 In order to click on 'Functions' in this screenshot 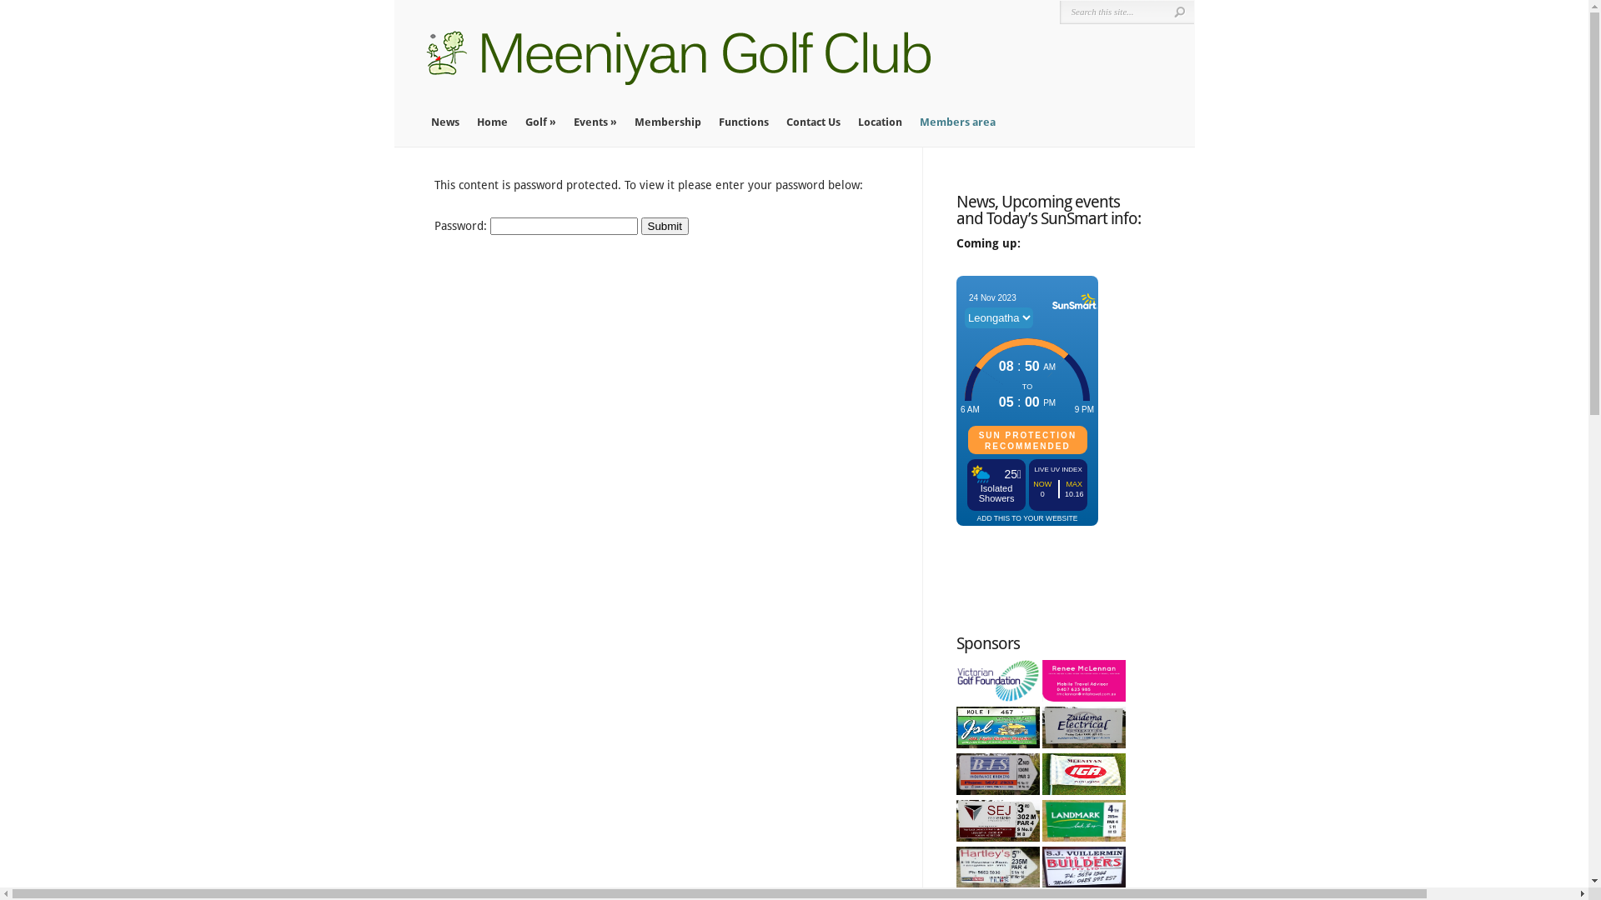, I will do `click(719, 121)`.